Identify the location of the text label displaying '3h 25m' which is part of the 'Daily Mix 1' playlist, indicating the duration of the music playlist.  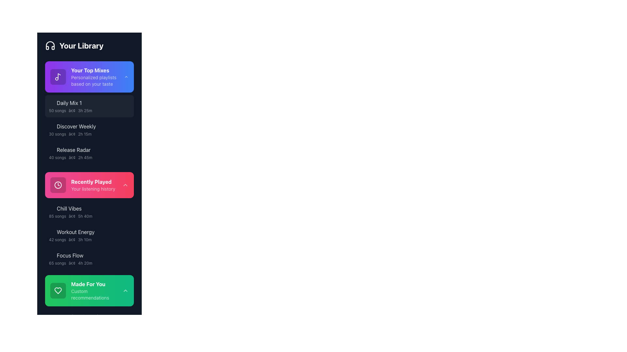
(85, 110).